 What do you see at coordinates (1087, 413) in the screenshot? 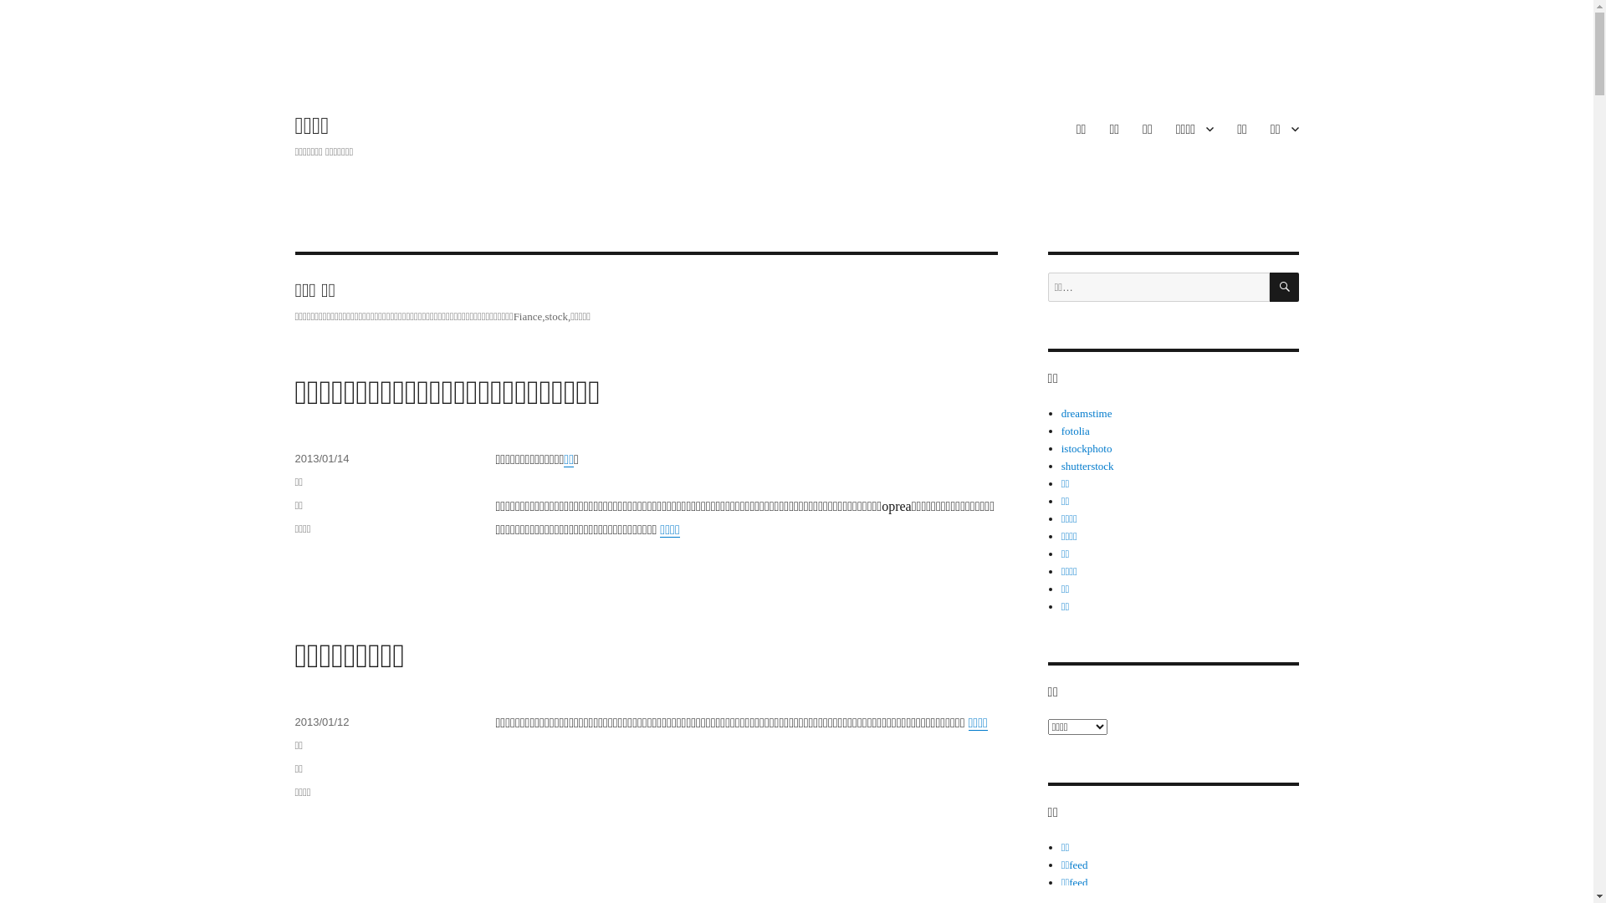
I see `'dreamstime'` at bounding box center [1087, 413].